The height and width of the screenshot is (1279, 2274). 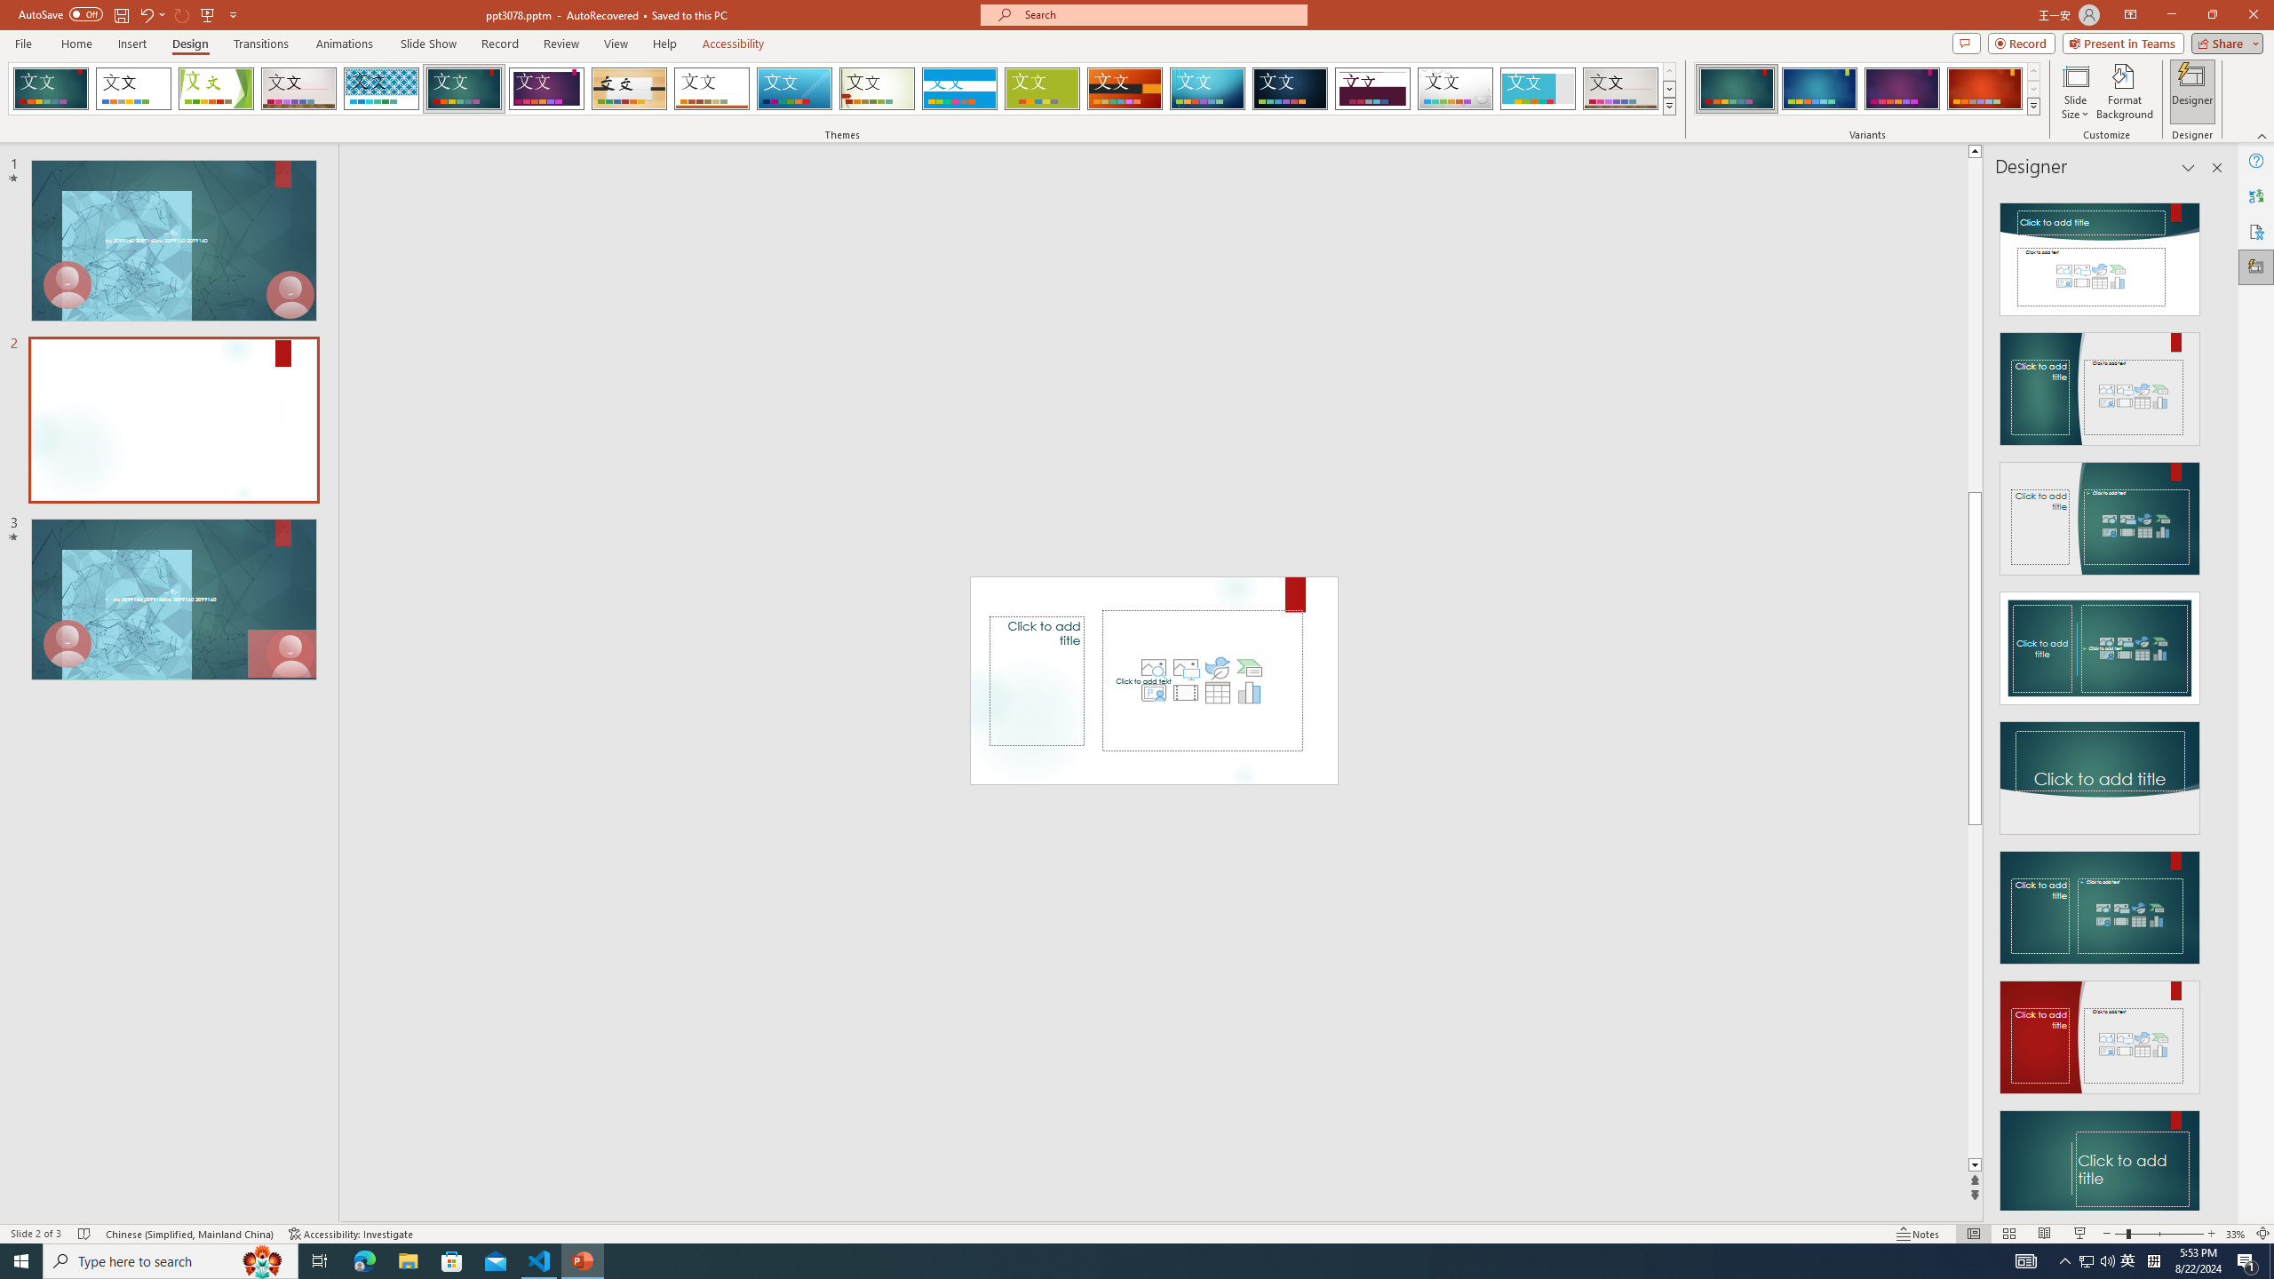 What do you see at coordinates (1901, 88) in the screenshot?
I see `'Ion Variant 3'` at bounding box center [1901, 88].